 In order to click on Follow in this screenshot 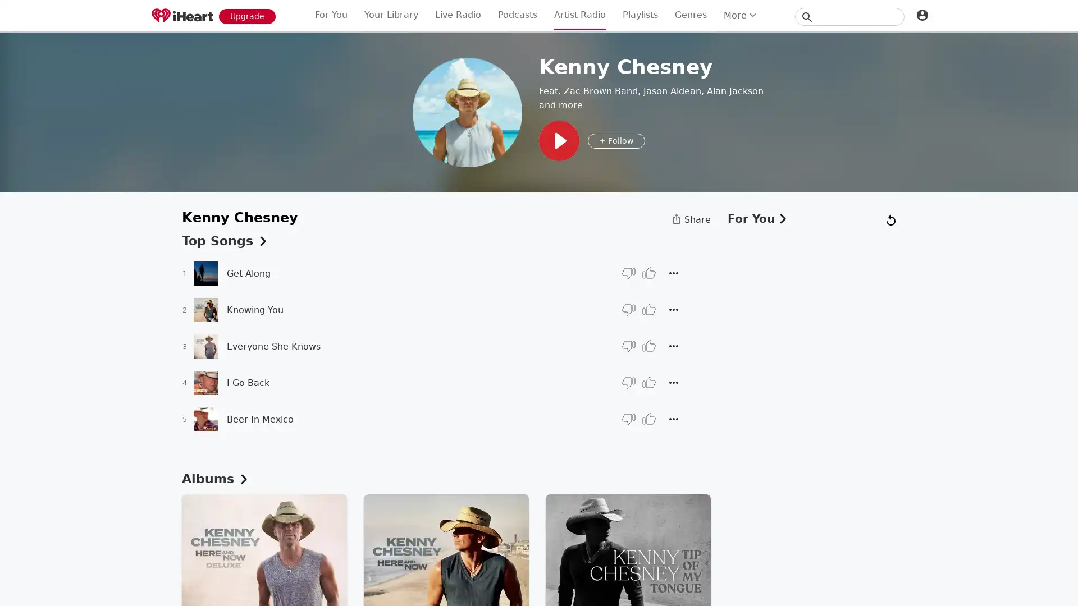, I will do `click(616, 140)`.